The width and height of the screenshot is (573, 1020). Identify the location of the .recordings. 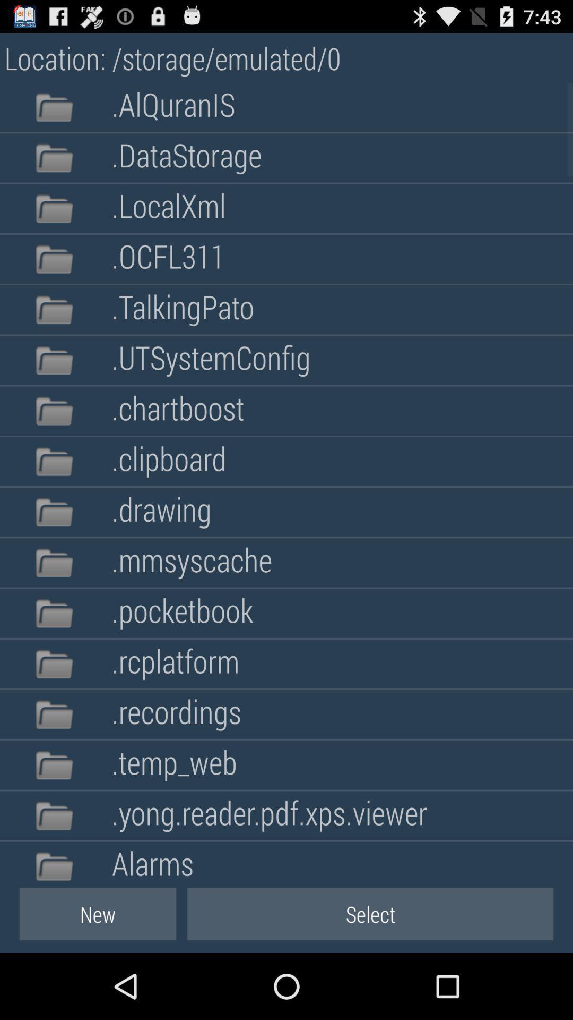
(176, 715).